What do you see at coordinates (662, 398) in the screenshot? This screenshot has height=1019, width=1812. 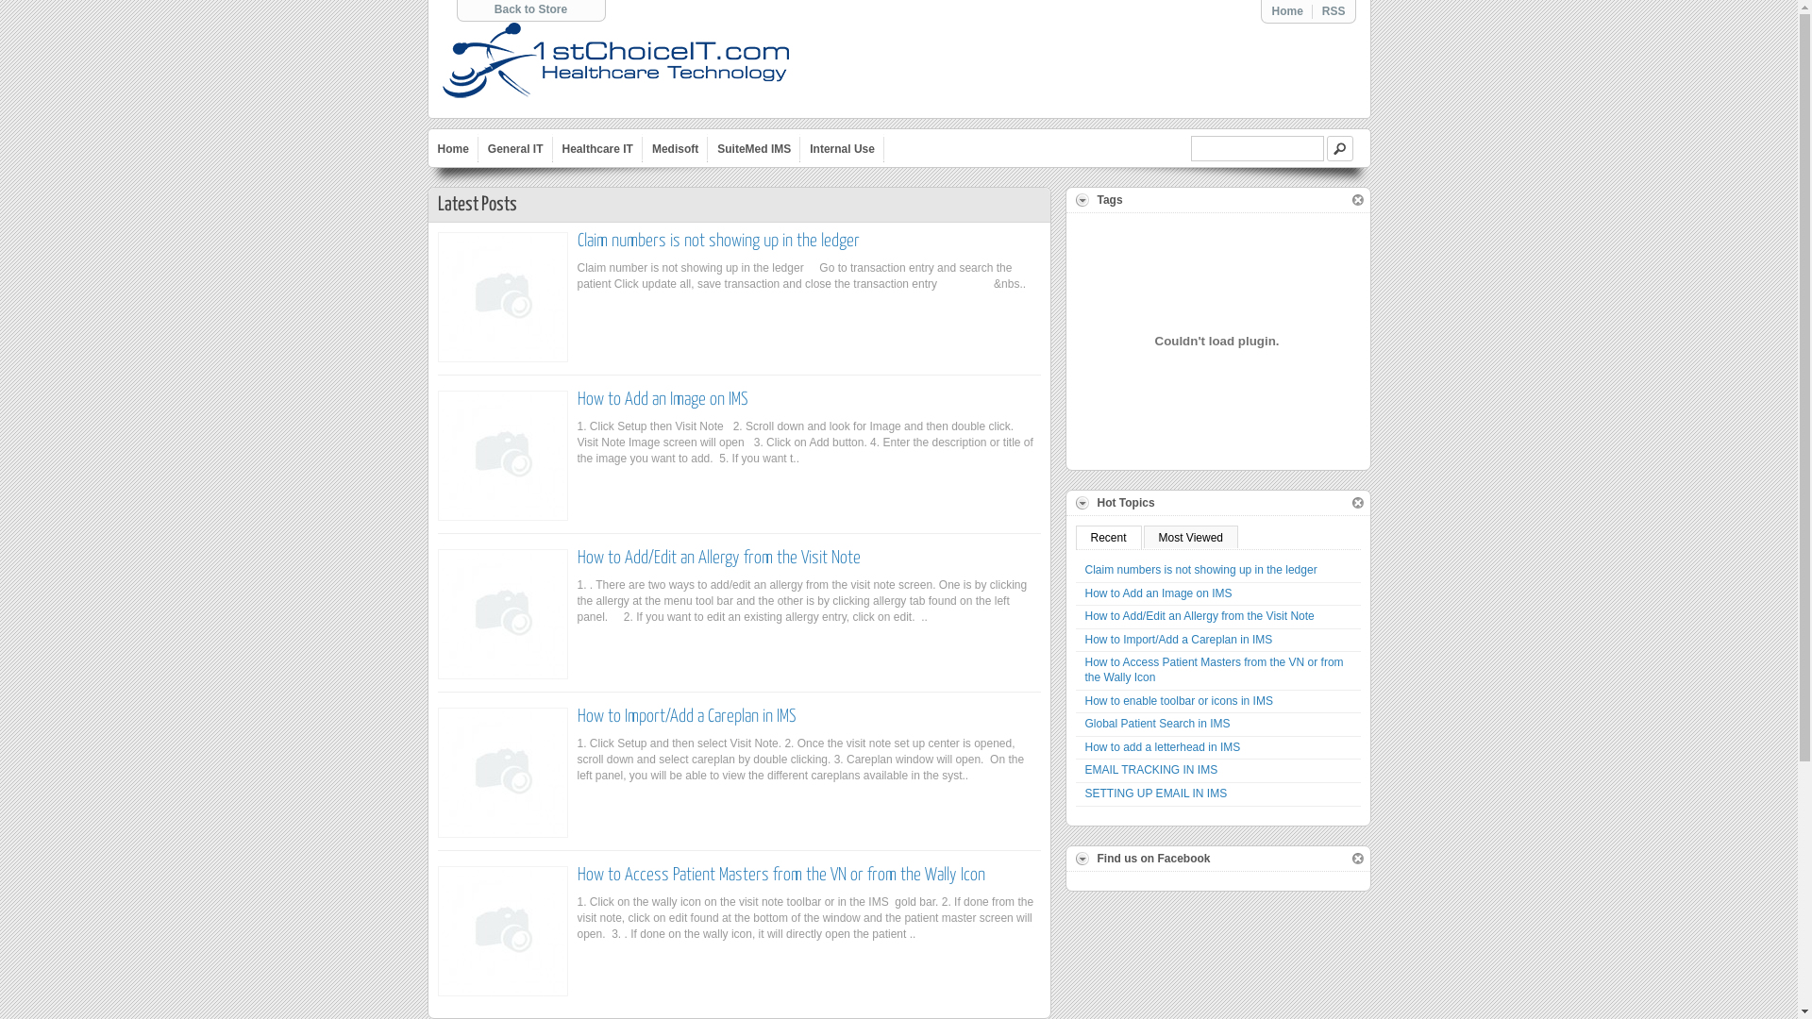 I see `'How to Add an Image on IMS'` at bounding box center [662, 398].